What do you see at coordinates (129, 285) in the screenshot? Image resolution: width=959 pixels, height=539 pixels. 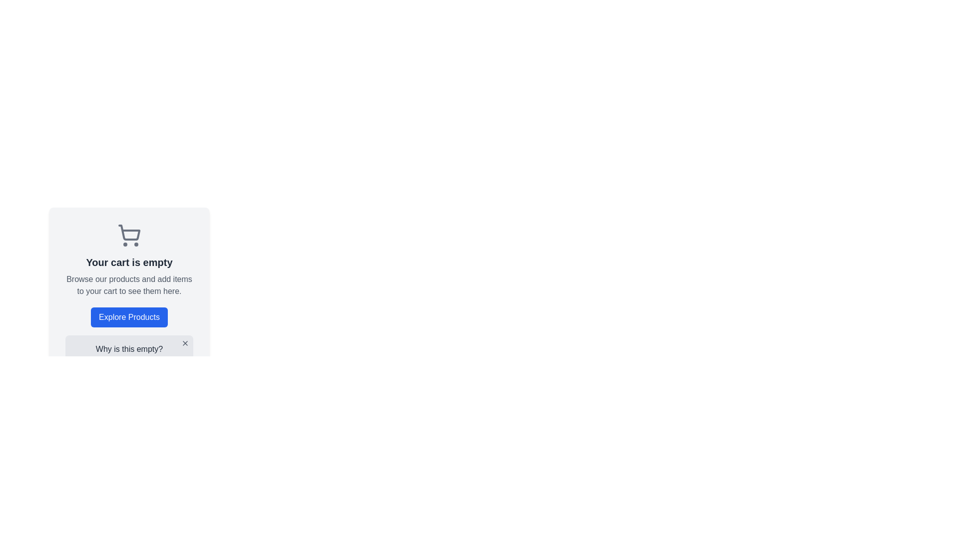 I see `the text message that reads 'Browse our products and add items to your cart` at bounding box center [129, 285].